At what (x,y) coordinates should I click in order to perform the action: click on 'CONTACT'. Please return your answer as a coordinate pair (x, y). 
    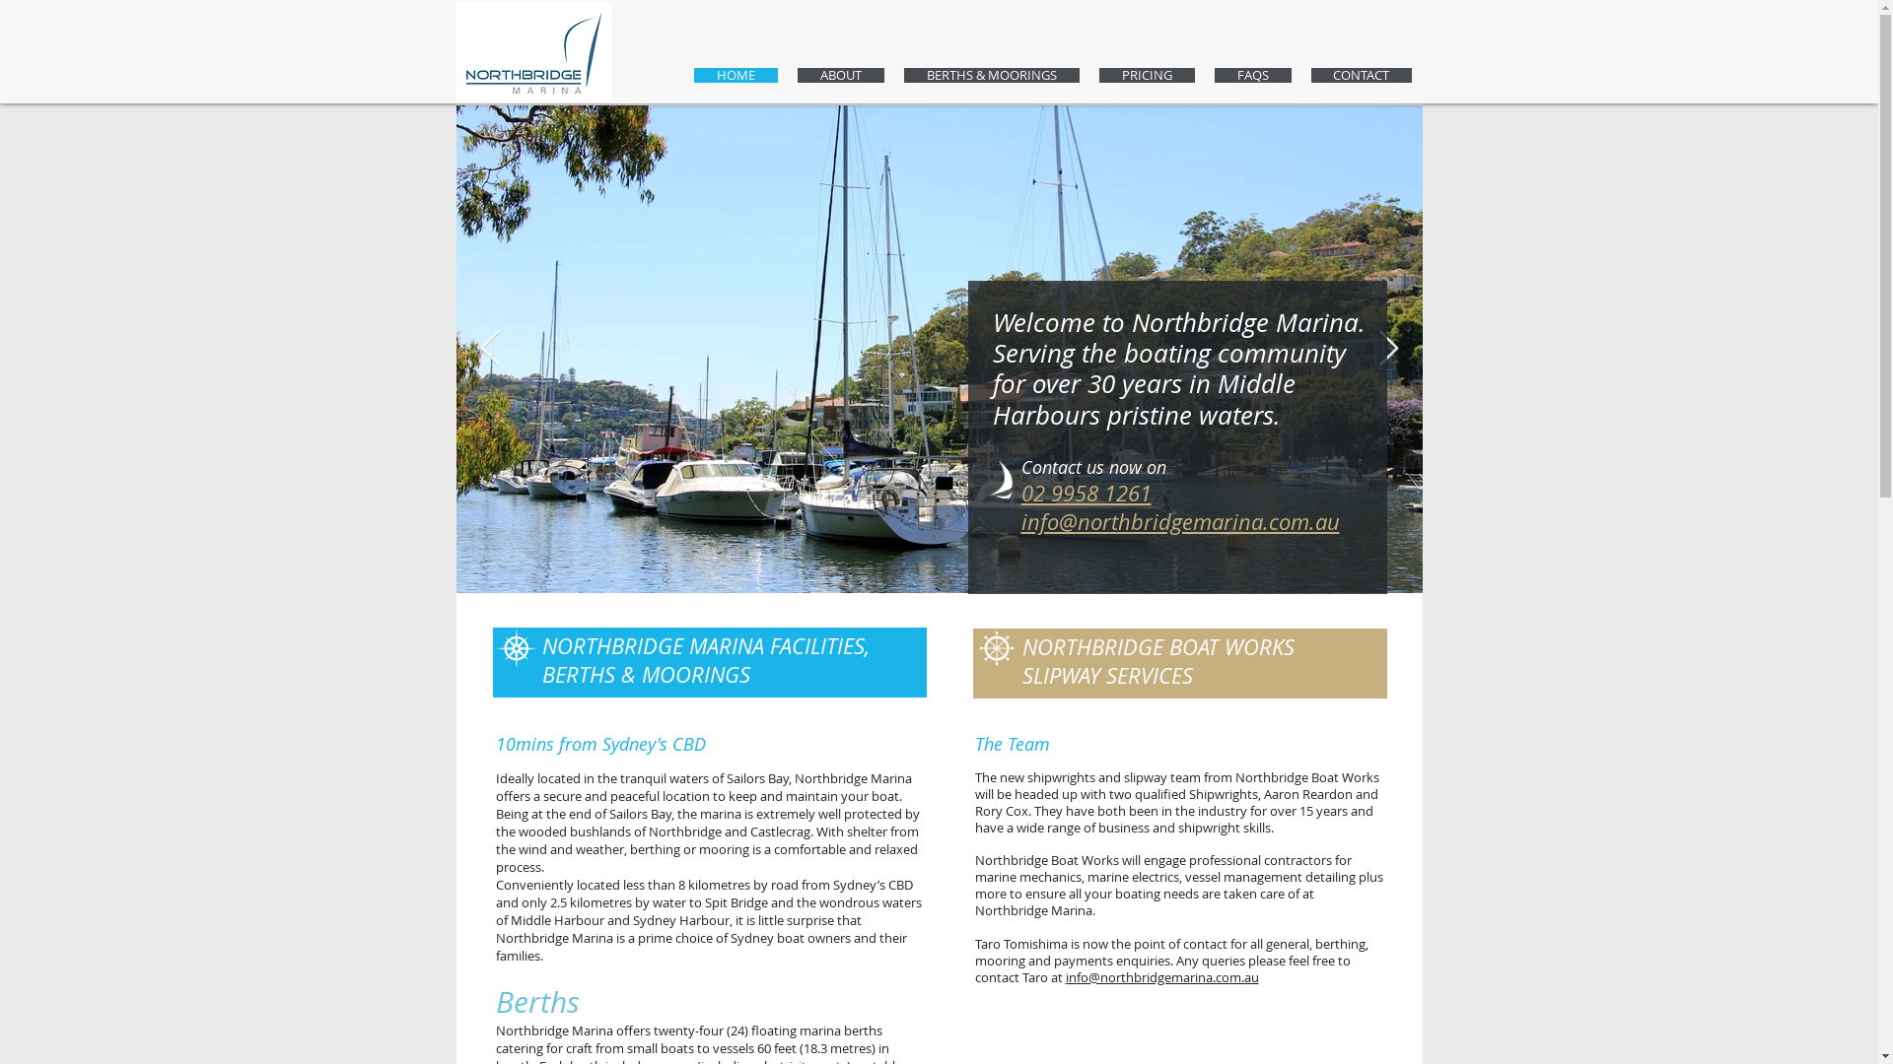
    Looking at the image, I should click on (1310, 74).